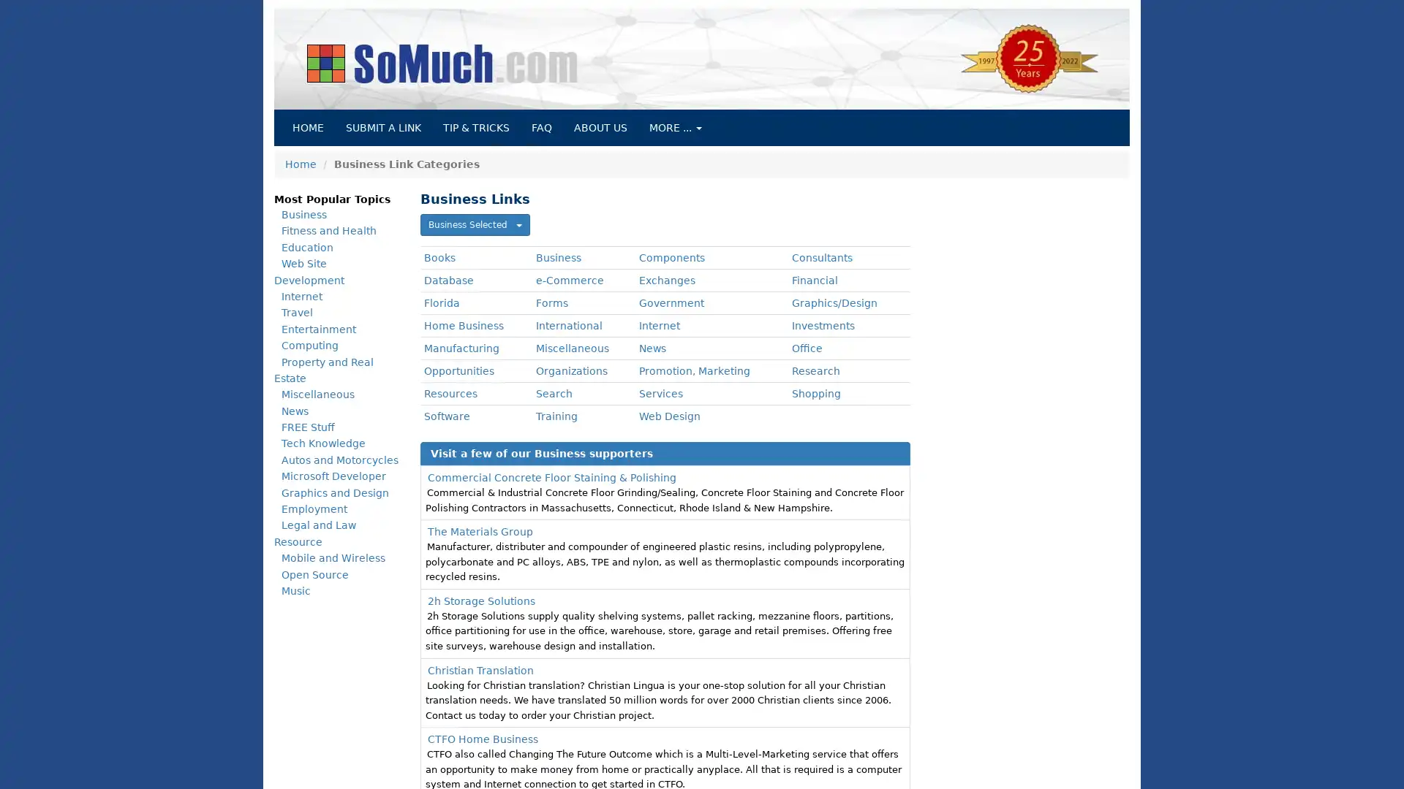  Describe the element at coordinates (475, 225) in the screenshot. I see `Business Selected` at that location.